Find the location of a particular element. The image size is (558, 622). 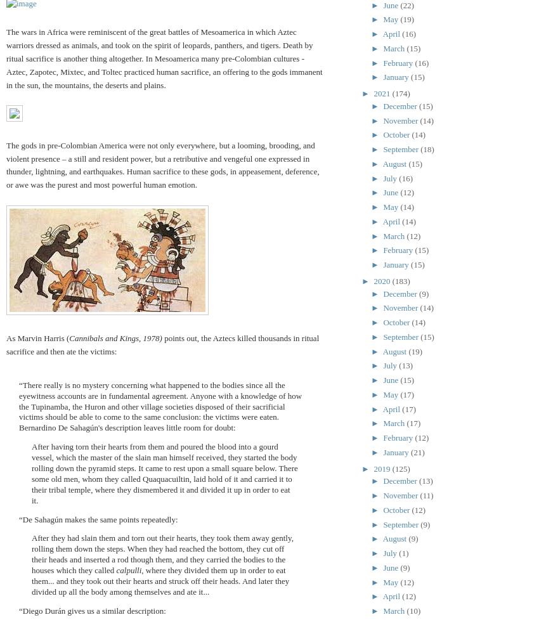

'The gods in pre-Colombian America were not only everywhere, but a looming, brooding, and violent presence – a still and resident power, but a retributive and vengeful one expressed in thunder, lightning, and earthquakes. Human sacrifice to these gods, in appeasement, deference, or awe was the purest and most powerful human emotion.' is located at coordinates (162, 164).